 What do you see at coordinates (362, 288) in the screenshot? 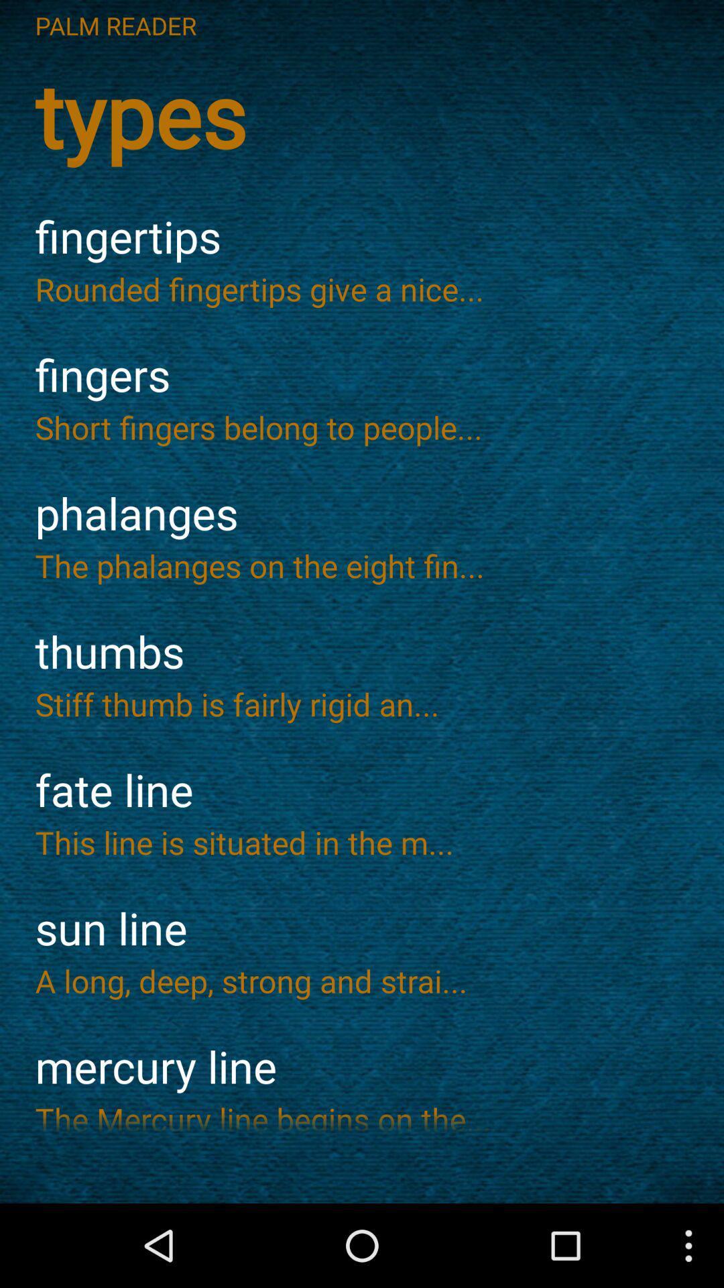
I see `icon below fingertips` at bounding box center [362, 288].